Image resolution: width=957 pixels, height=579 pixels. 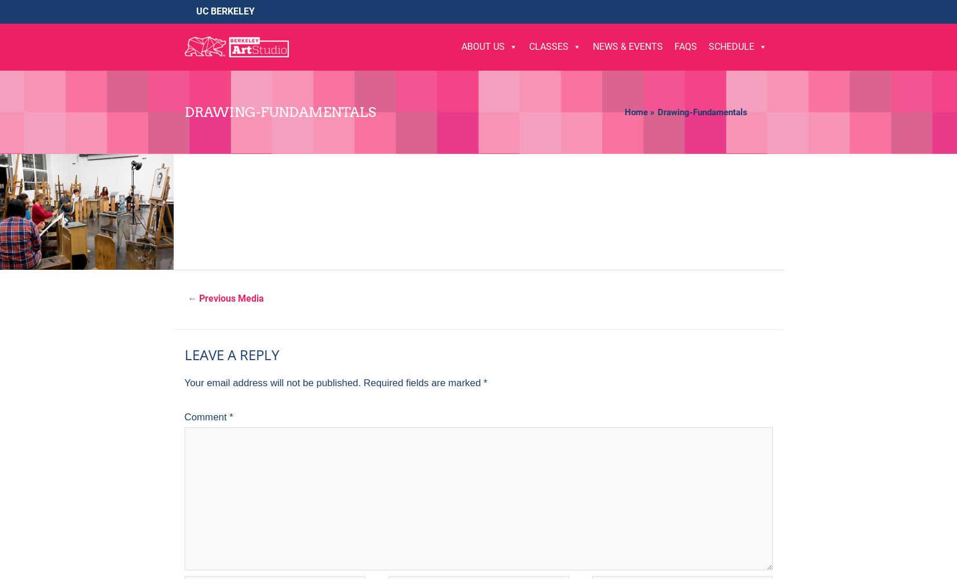 I want to click on 'Comment', so click(x=206, y=416).